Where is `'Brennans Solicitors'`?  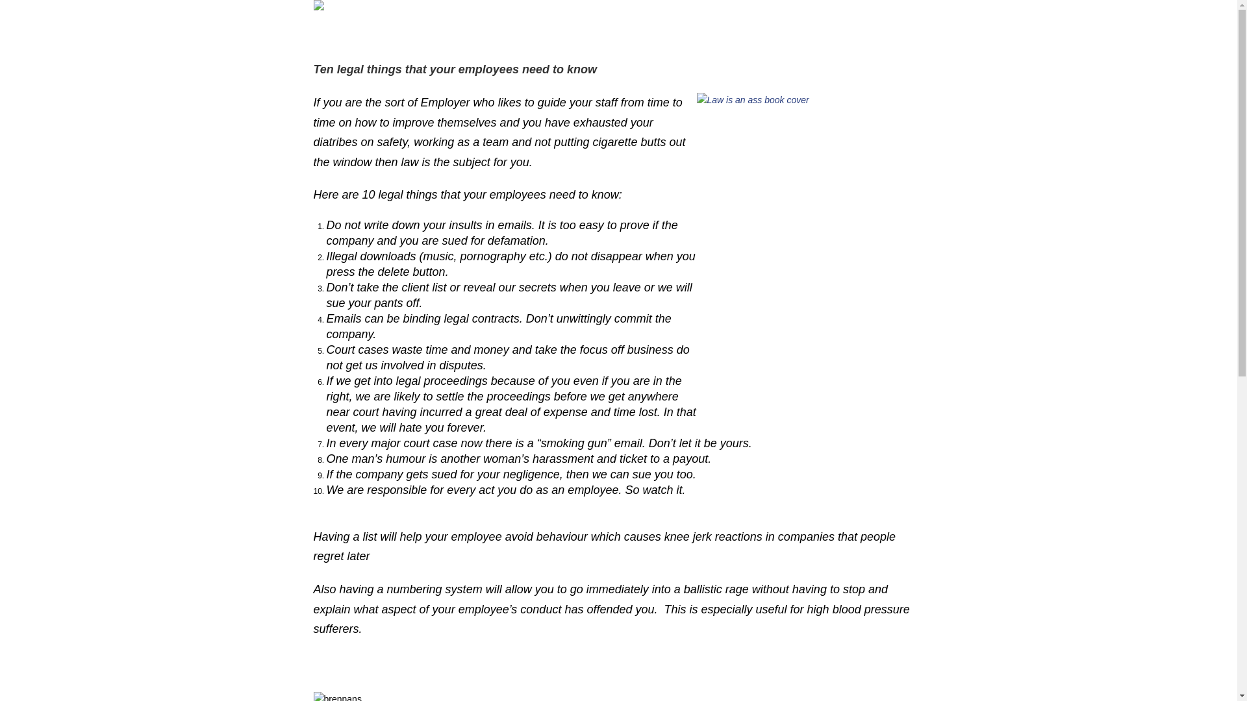
'Brennans Solicitors' is located at coordinates (726, 27).